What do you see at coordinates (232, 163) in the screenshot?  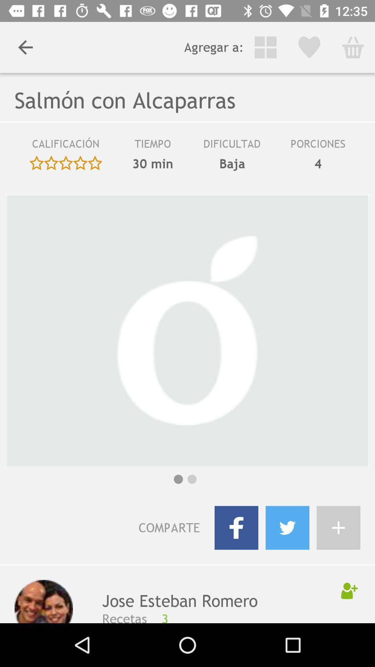 I see `the icon below the dificultad icon` at bounding box center [232, 163].